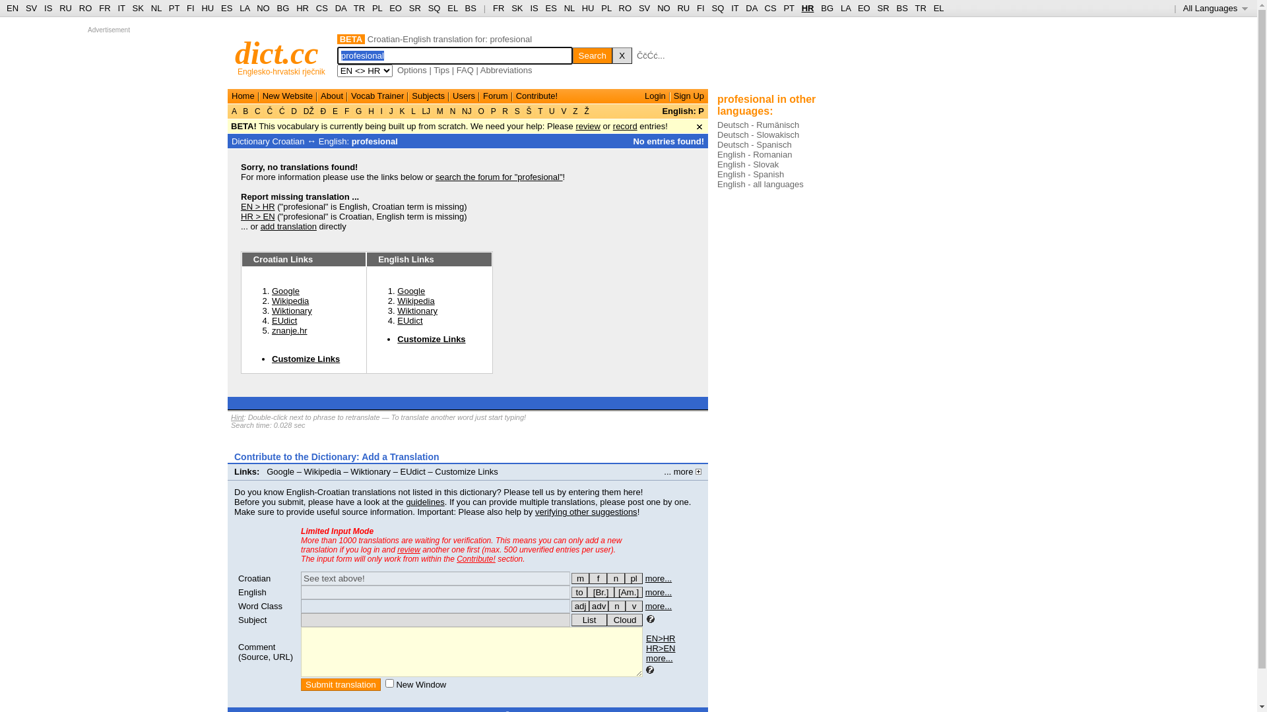  What do you see at coordinates (341, 684) in the screenshot?
I see `'Submit translation'` at bounding box center [341, 684].